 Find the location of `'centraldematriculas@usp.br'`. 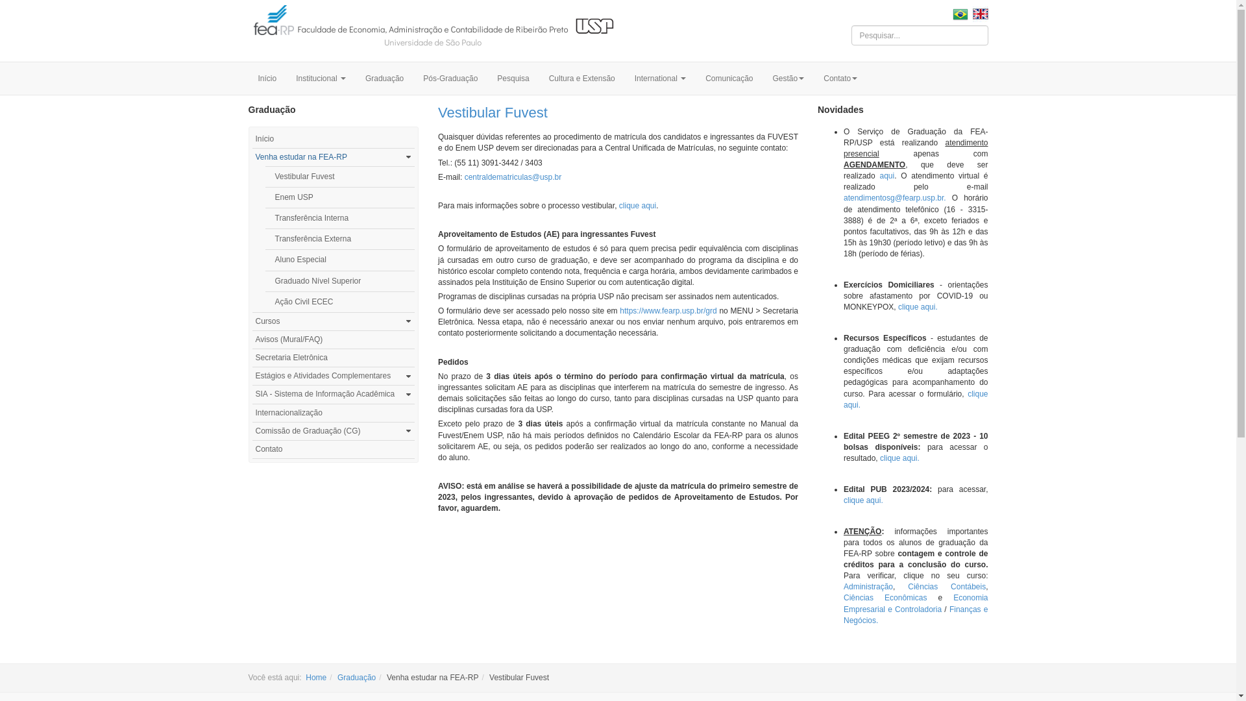

'centraldematriculas@usp.br' is located at coordinates (513, 177).